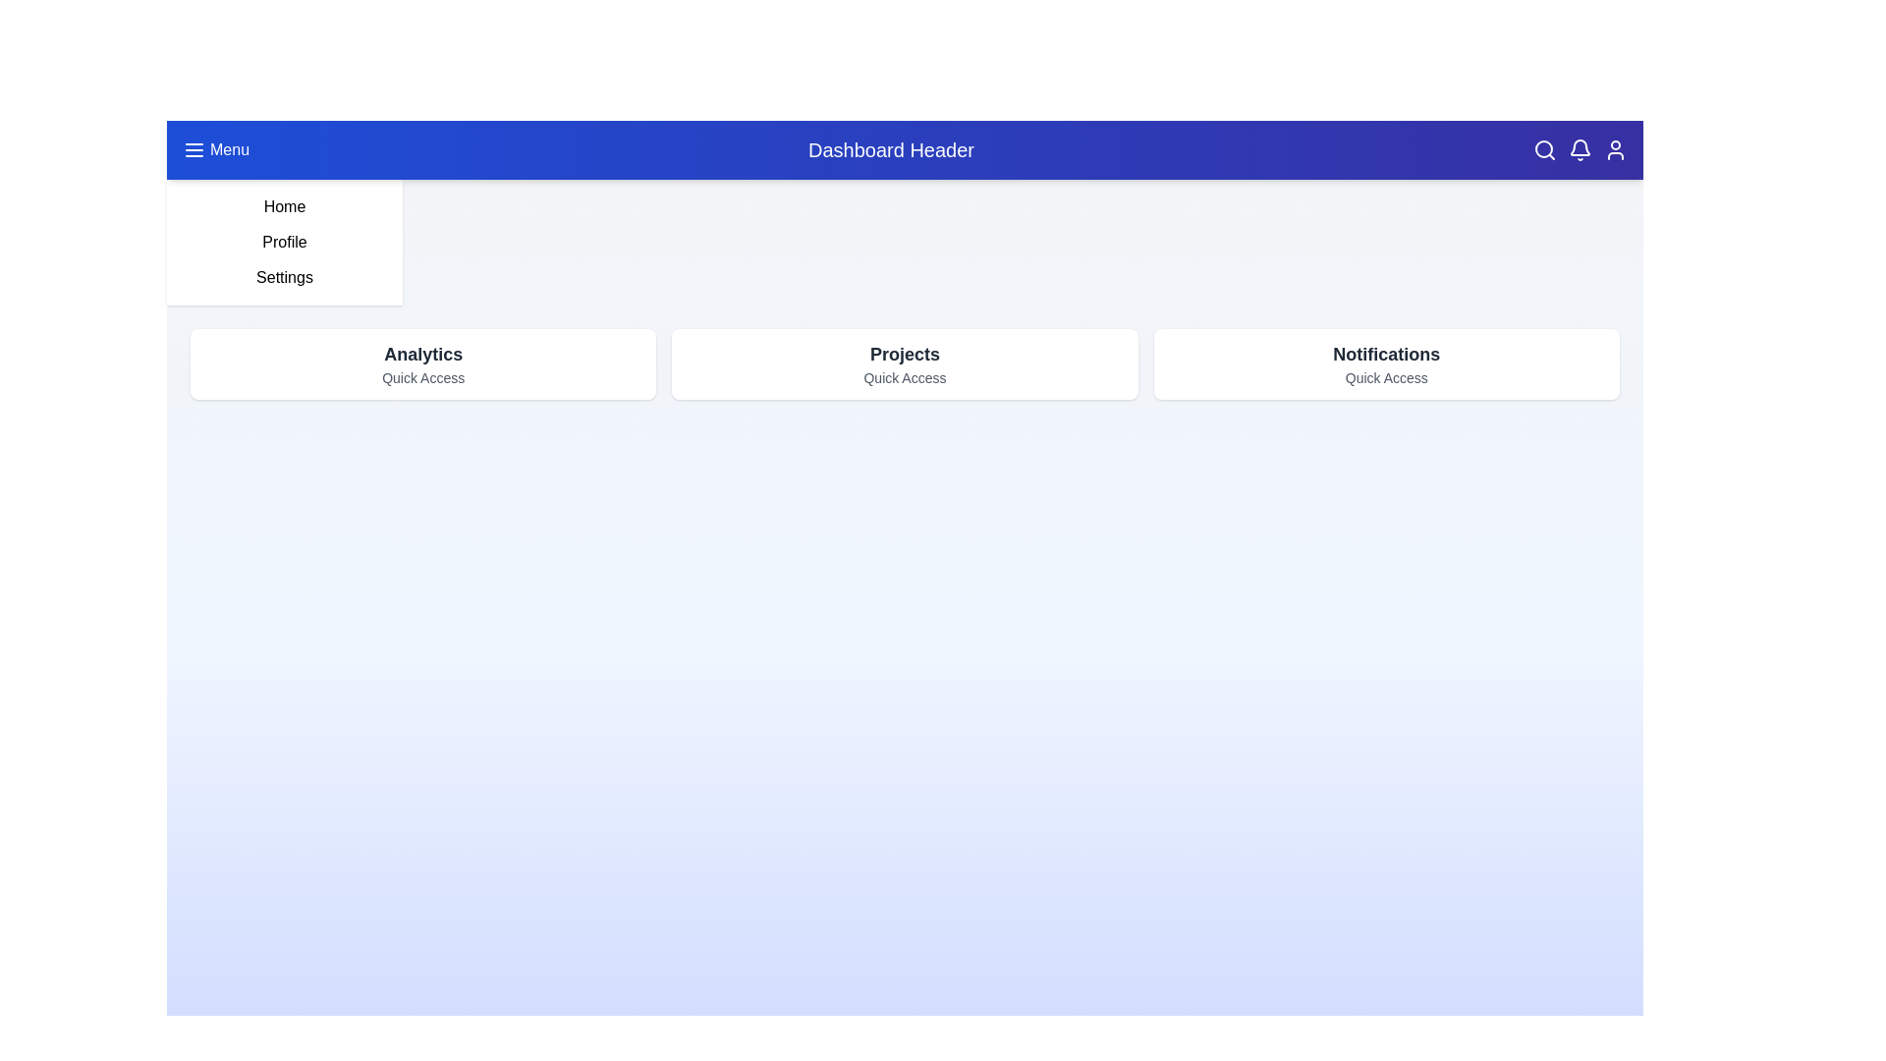 Image resolution: width=1886 pixels, height=1061 pixels. Describe the element at coordinates (1580, 149) in the screenshot. I see `the notifications button` at that location.